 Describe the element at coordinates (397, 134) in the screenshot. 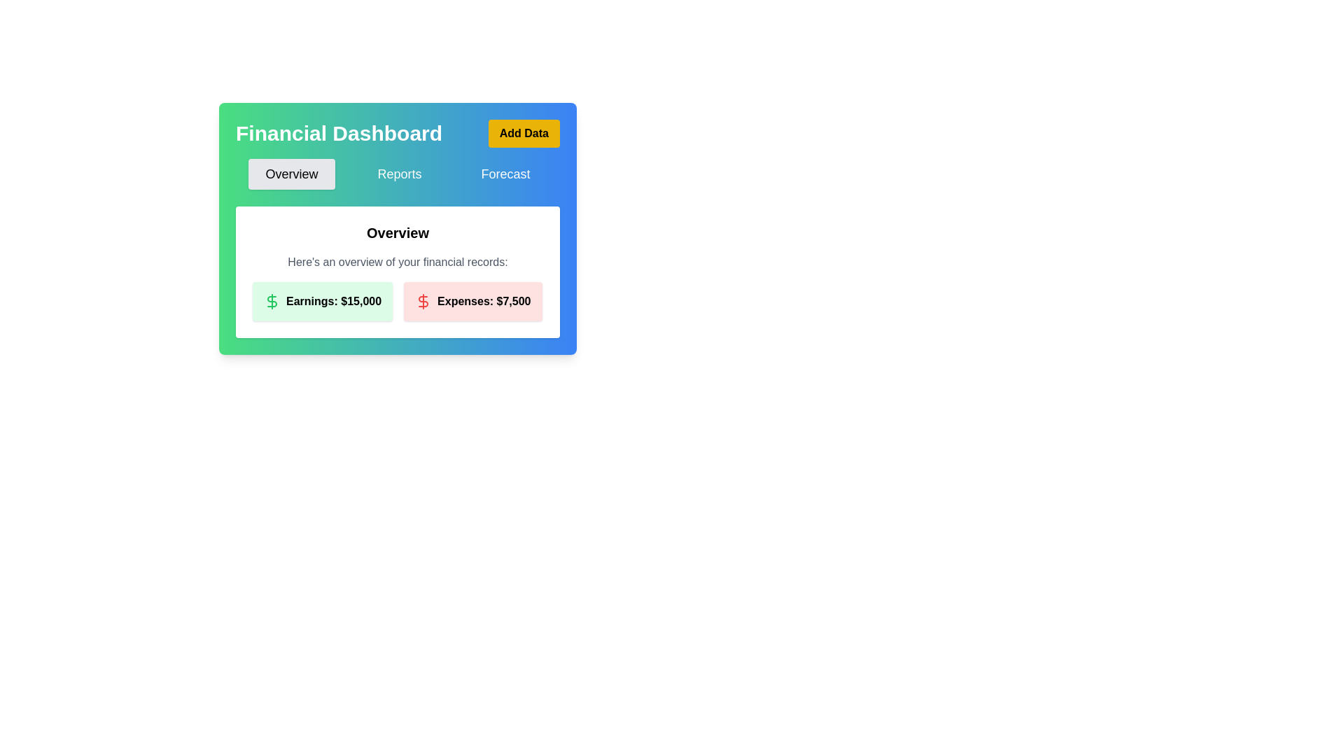

I see `title from the header element located at the top of the interface, which spans horizontally and contains an action button on the right` at that location.